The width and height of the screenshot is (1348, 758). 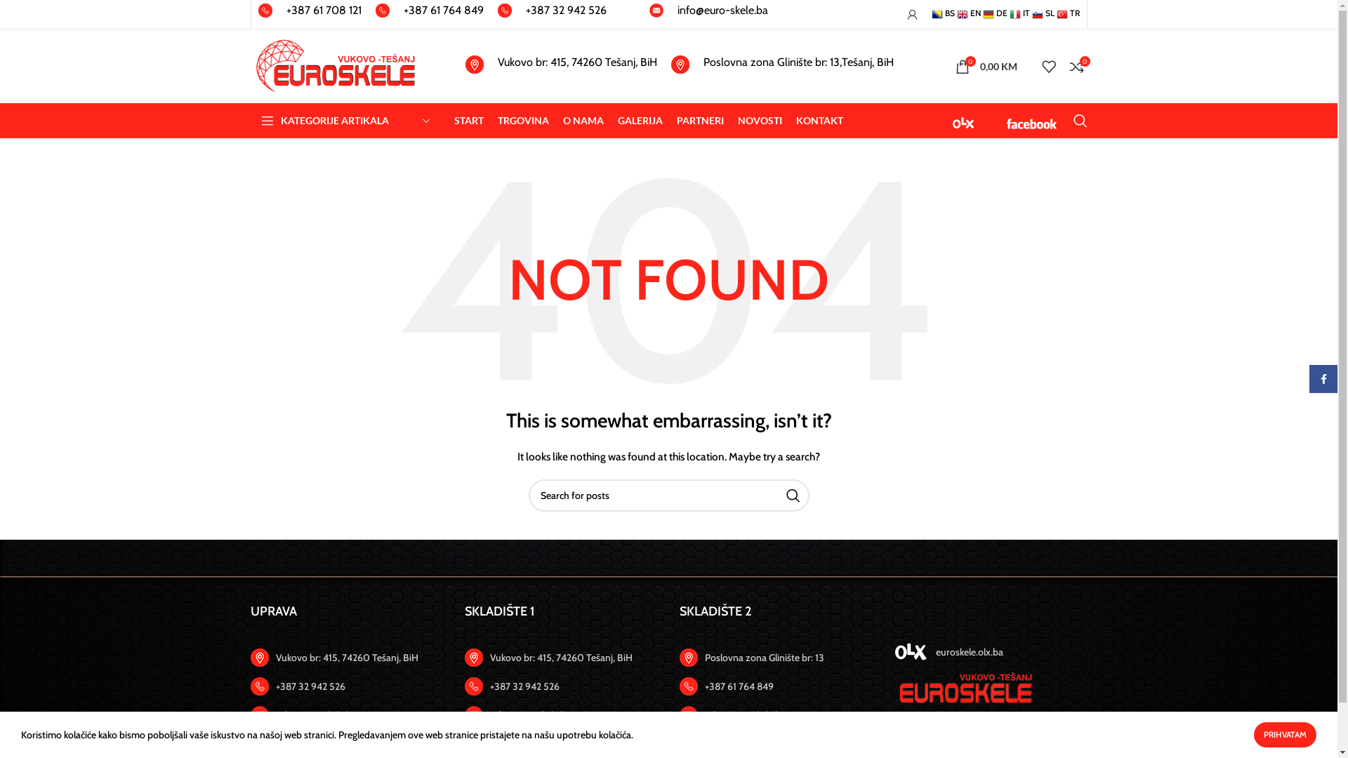 What do you see at coordinates (708, 14) in the screenshot?
I see `'info@euro-skele.ba'` at bounding box center [708, 14].